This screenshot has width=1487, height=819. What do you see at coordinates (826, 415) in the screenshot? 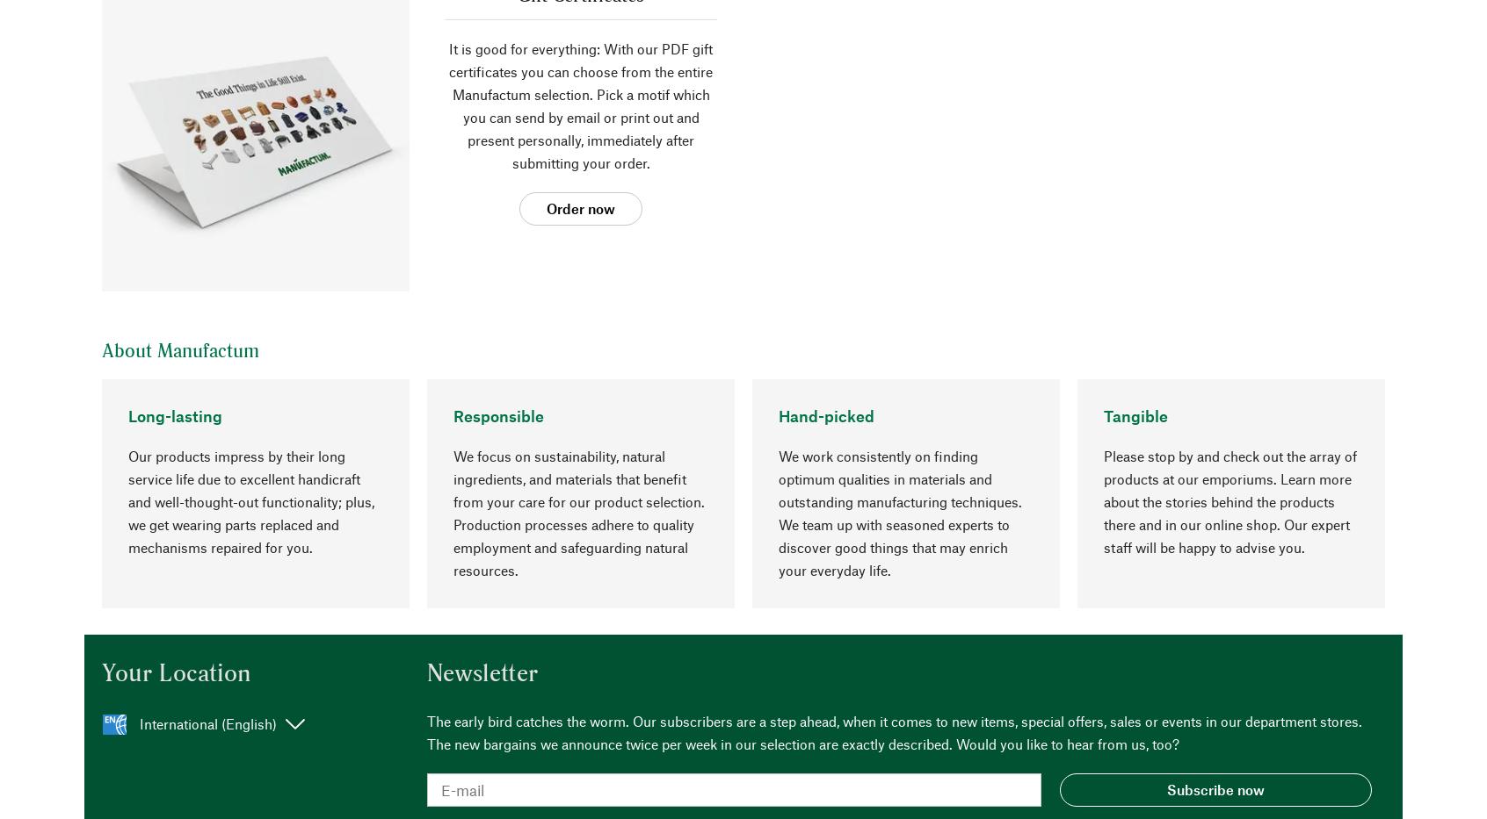
I see `'Hand-picked'` at bounding box center [826, 415].